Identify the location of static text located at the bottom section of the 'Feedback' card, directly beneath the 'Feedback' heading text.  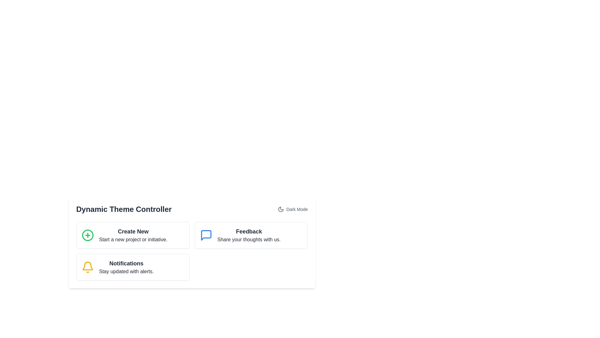
(248, 239).